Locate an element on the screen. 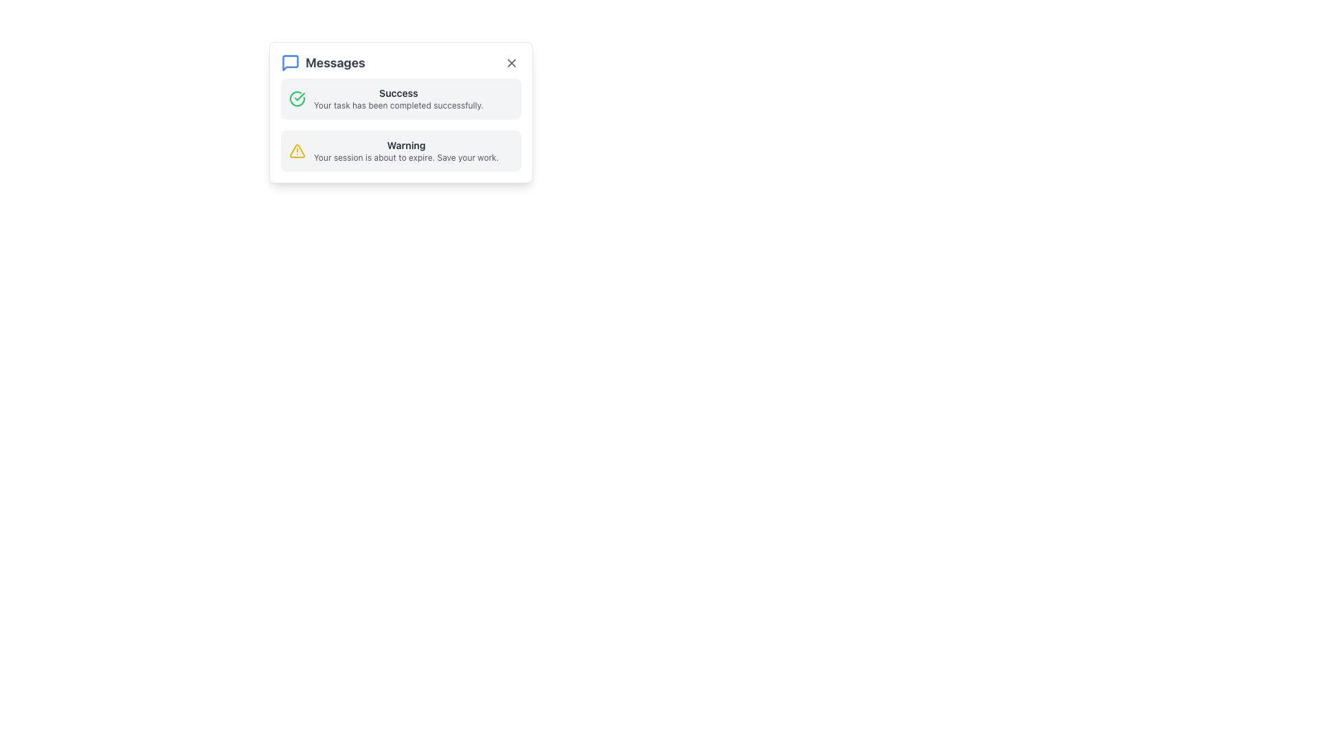 The image size is (1319, 742). the warning icon is located at coordinates (296, 150).